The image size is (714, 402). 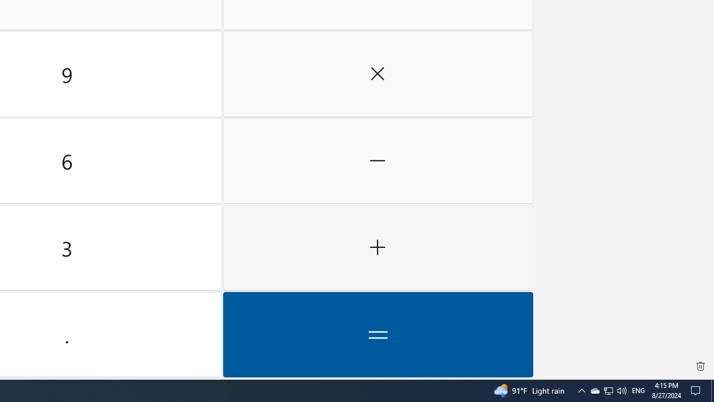 I want to click on 'Multiply by', so click(x=378, y=74).